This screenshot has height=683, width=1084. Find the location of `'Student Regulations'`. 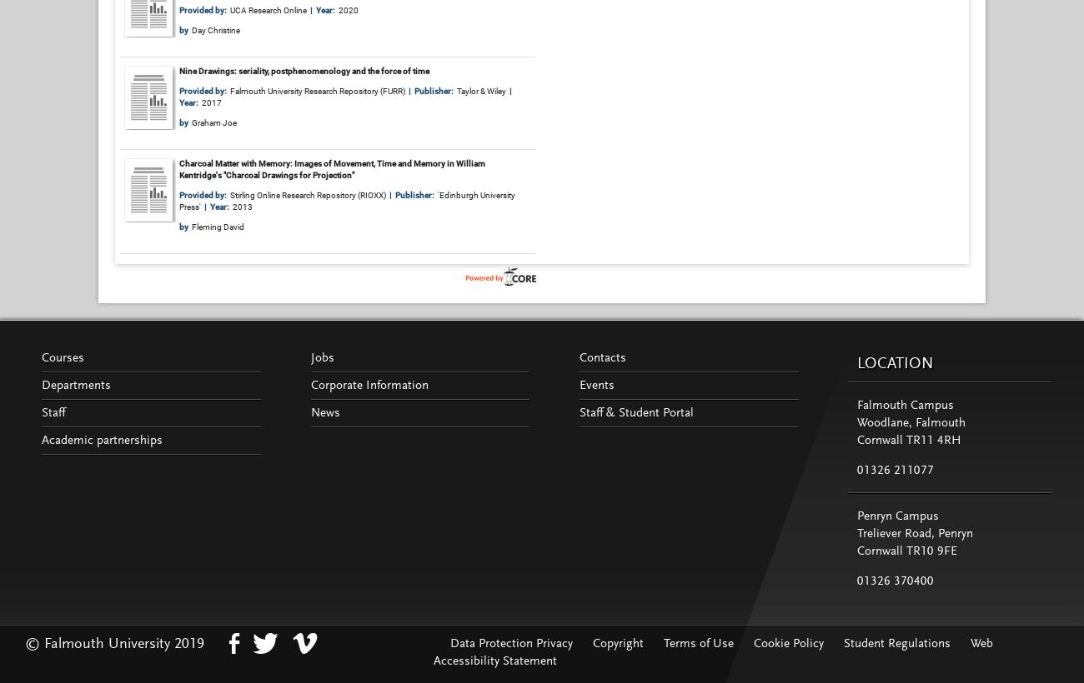

'Student Regulations' is located at coordinates (897, 643).